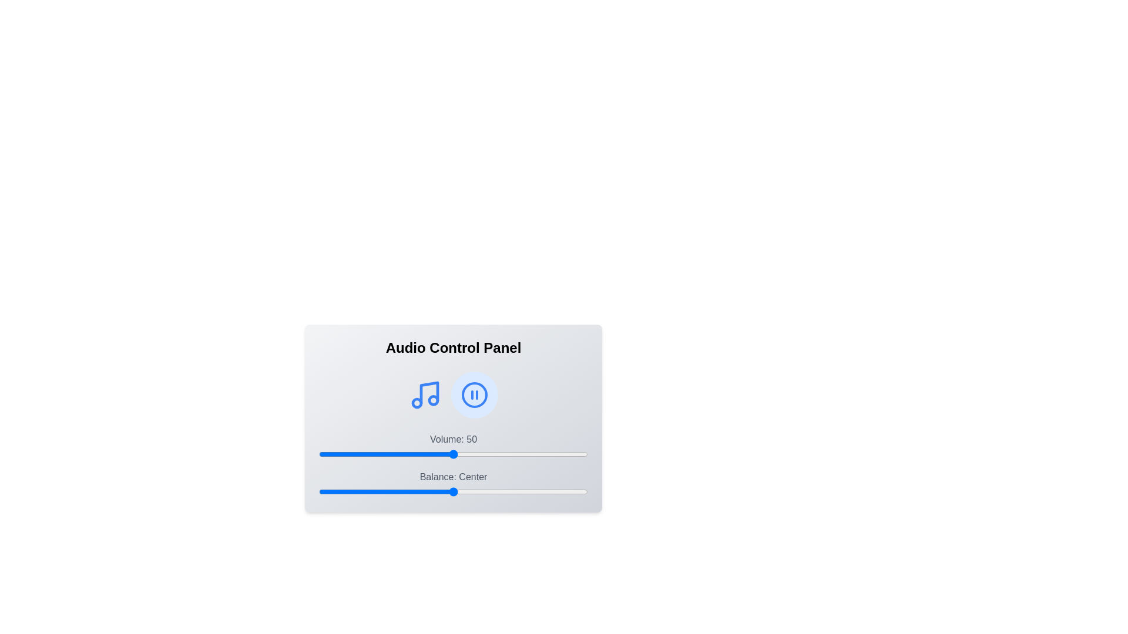 The width and height of the screenshot is (1128, 634). What do you see at coordinates (474, 394) in the screenshot?
I see `the prominent circular icon with a blue border and a light-blue background featuring a blue 'pause' symbol, located` at bounding box center [474, 394].